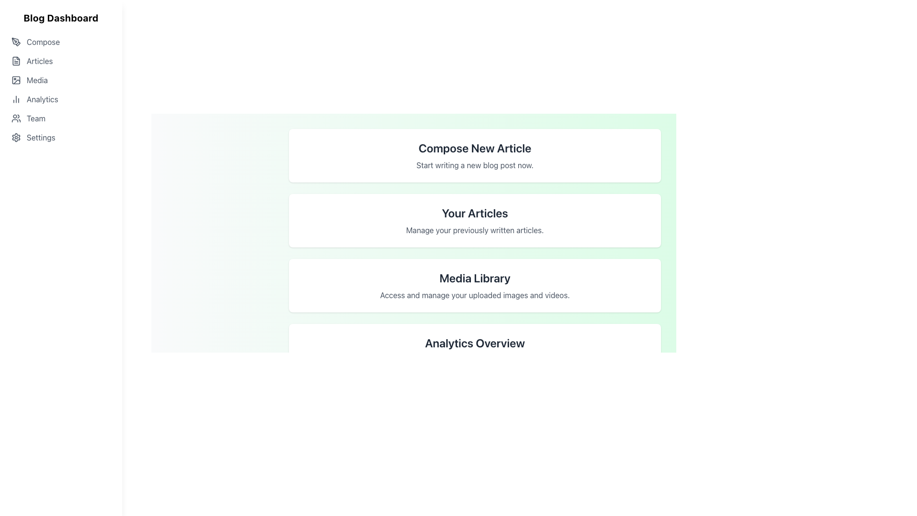 Image resolution: width=917 pixels, height=516 pixels. What do you see at coordinates (16, 80) in the screenshot?
I see `the small rounded rectangle icon representing an image, located in the sidebar's 'Media' list item group in the navigation menu` at bounding box center [16, 80].